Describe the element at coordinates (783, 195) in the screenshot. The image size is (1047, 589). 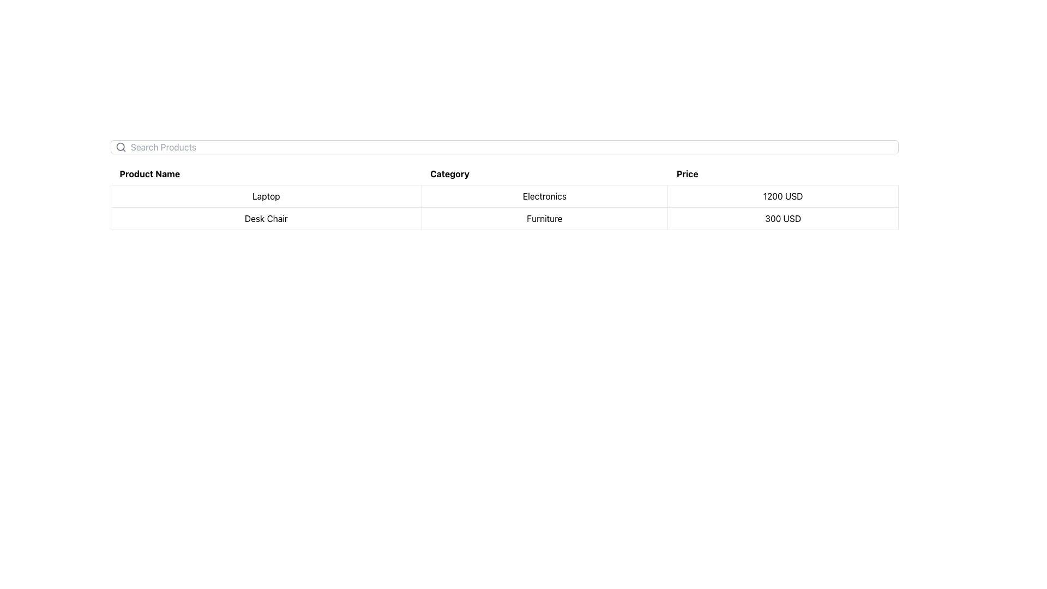
I see `the static text element displaying the price of the listed product in the 3rd column of the first data row of the table, which is aligned to the right of 'Electronics' in the 2nd column` at that location.